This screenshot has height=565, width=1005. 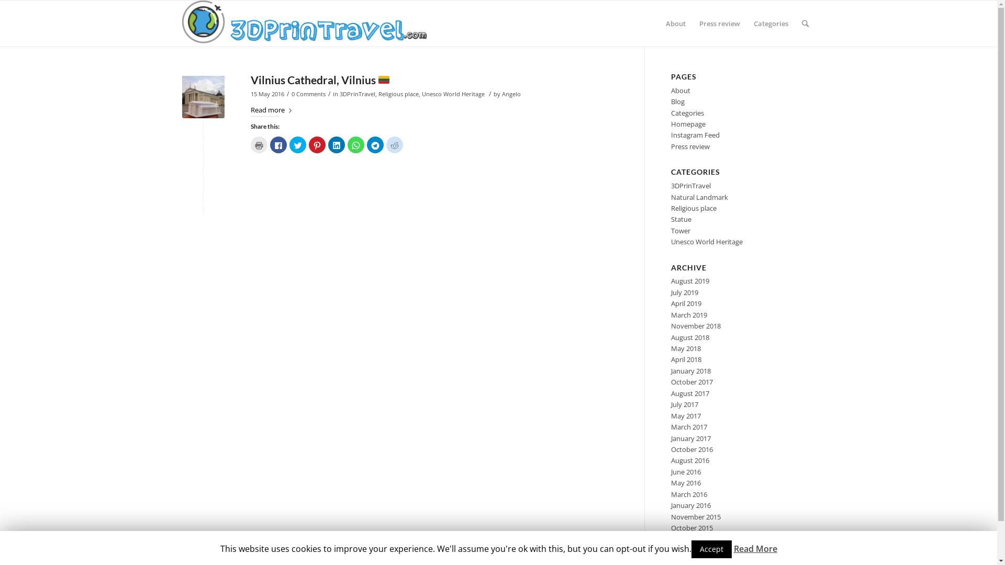 I want to click on 'April 2019', so click(x=686, y=303).